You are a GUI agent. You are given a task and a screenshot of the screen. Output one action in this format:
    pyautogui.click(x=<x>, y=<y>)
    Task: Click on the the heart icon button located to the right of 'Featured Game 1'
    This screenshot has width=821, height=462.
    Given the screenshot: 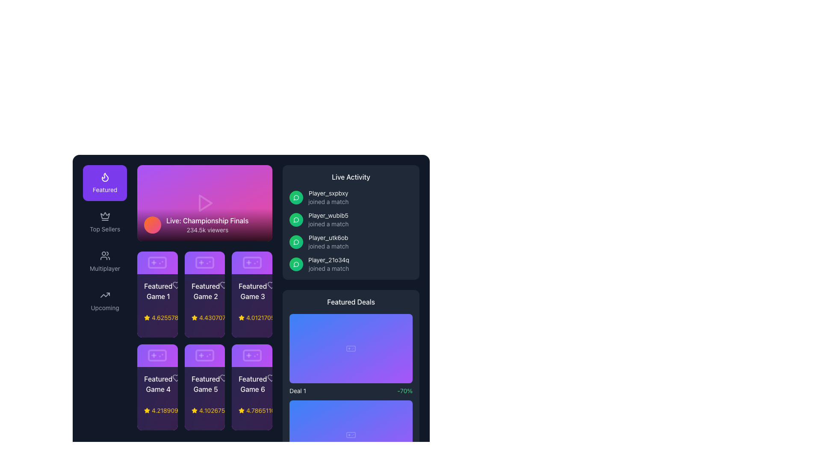 What is the action you would take?
    pyautogui.click(x=176, y=285)
    